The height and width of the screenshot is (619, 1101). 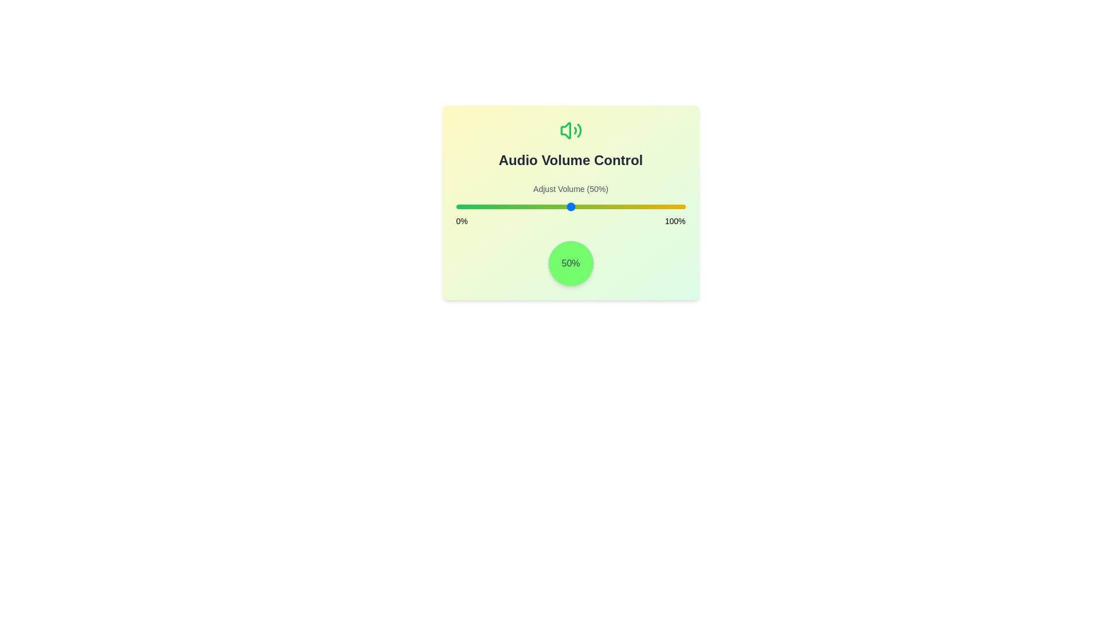 I want to click on the volume to 0% by dragging the slider, so click(x=455, y=207).